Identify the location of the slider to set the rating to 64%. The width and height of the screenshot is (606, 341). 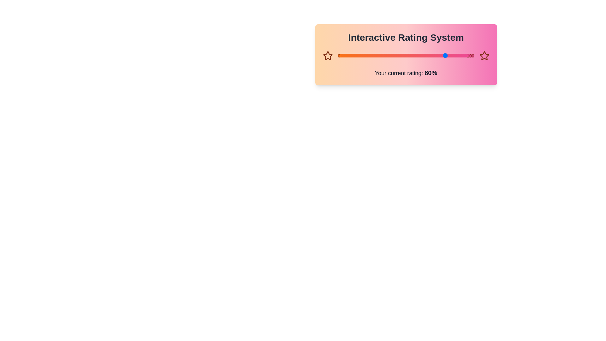
(337, 55).